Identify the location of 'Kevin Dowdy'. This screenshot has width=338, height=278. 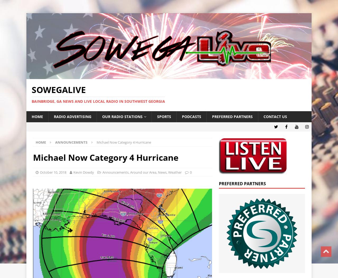
(83, 172).